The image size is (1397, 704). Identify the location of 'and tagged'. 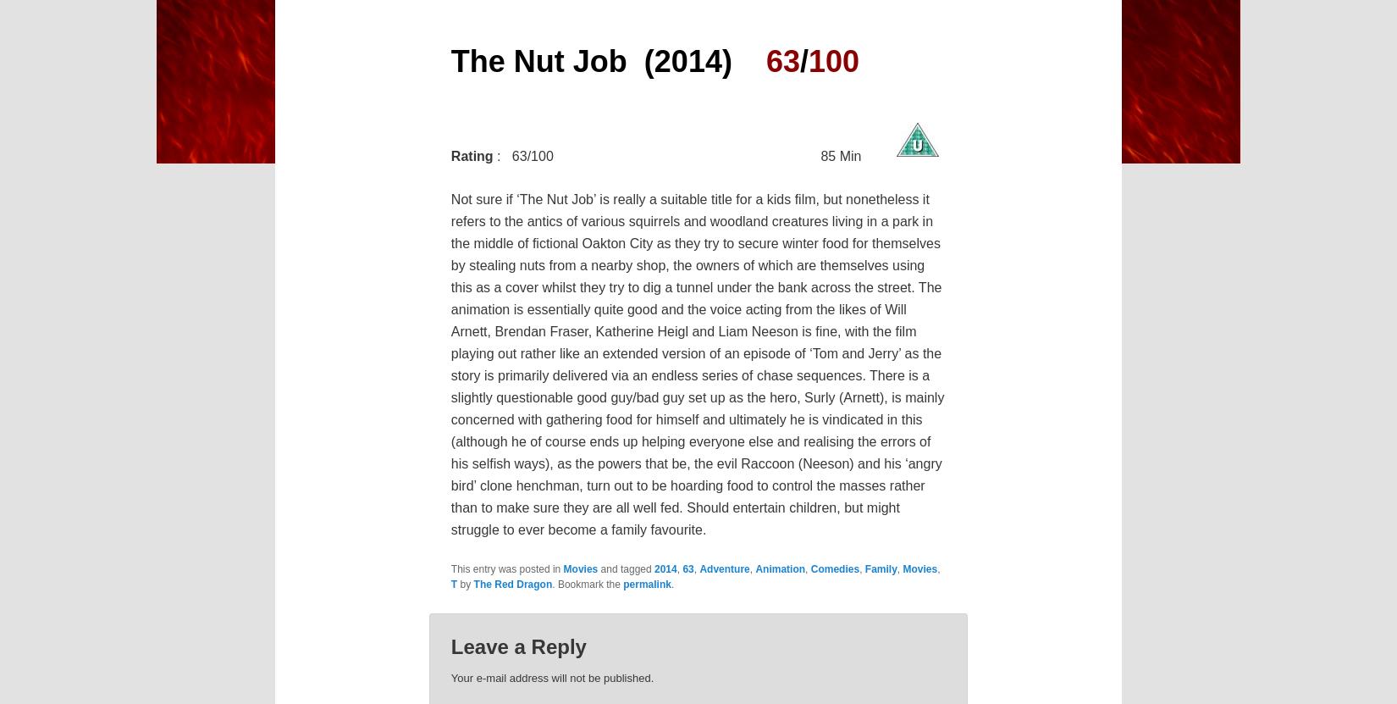
(625, 569).